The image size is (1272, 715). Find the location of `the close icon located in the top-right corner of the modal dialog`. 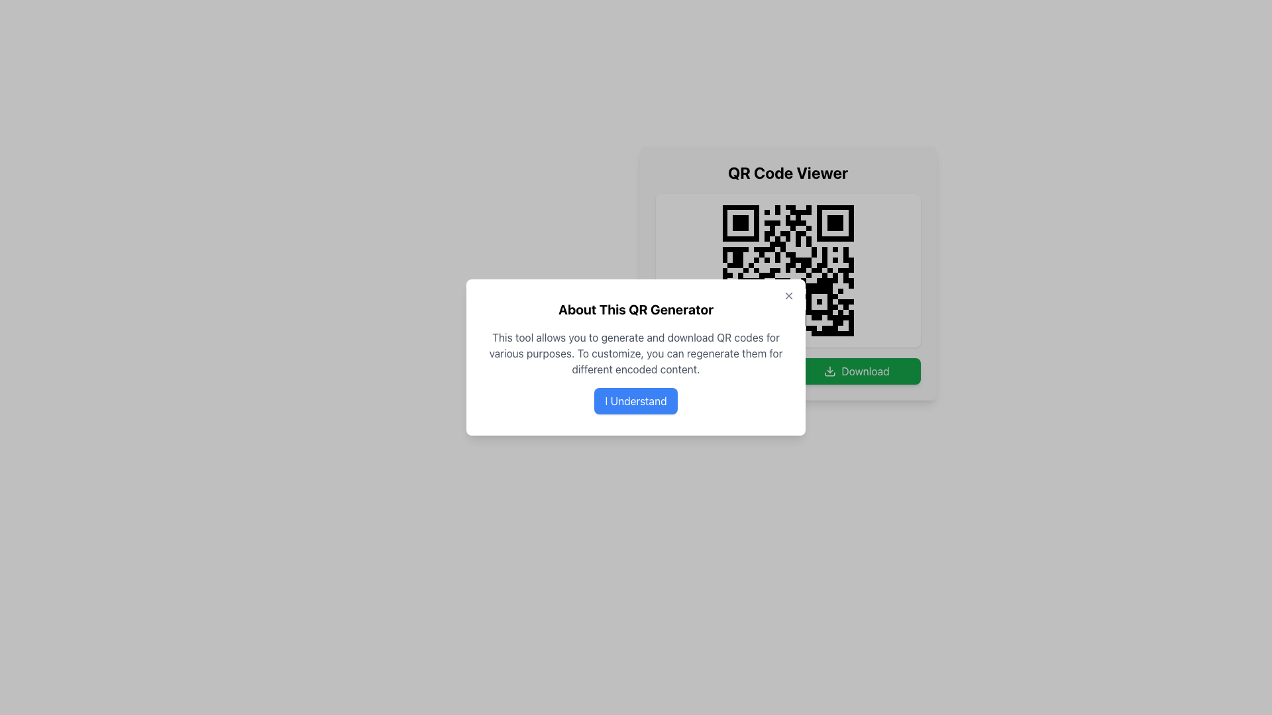

the close icon located in the top-right corner of the modal dialog is located at coordinates (788, 295).